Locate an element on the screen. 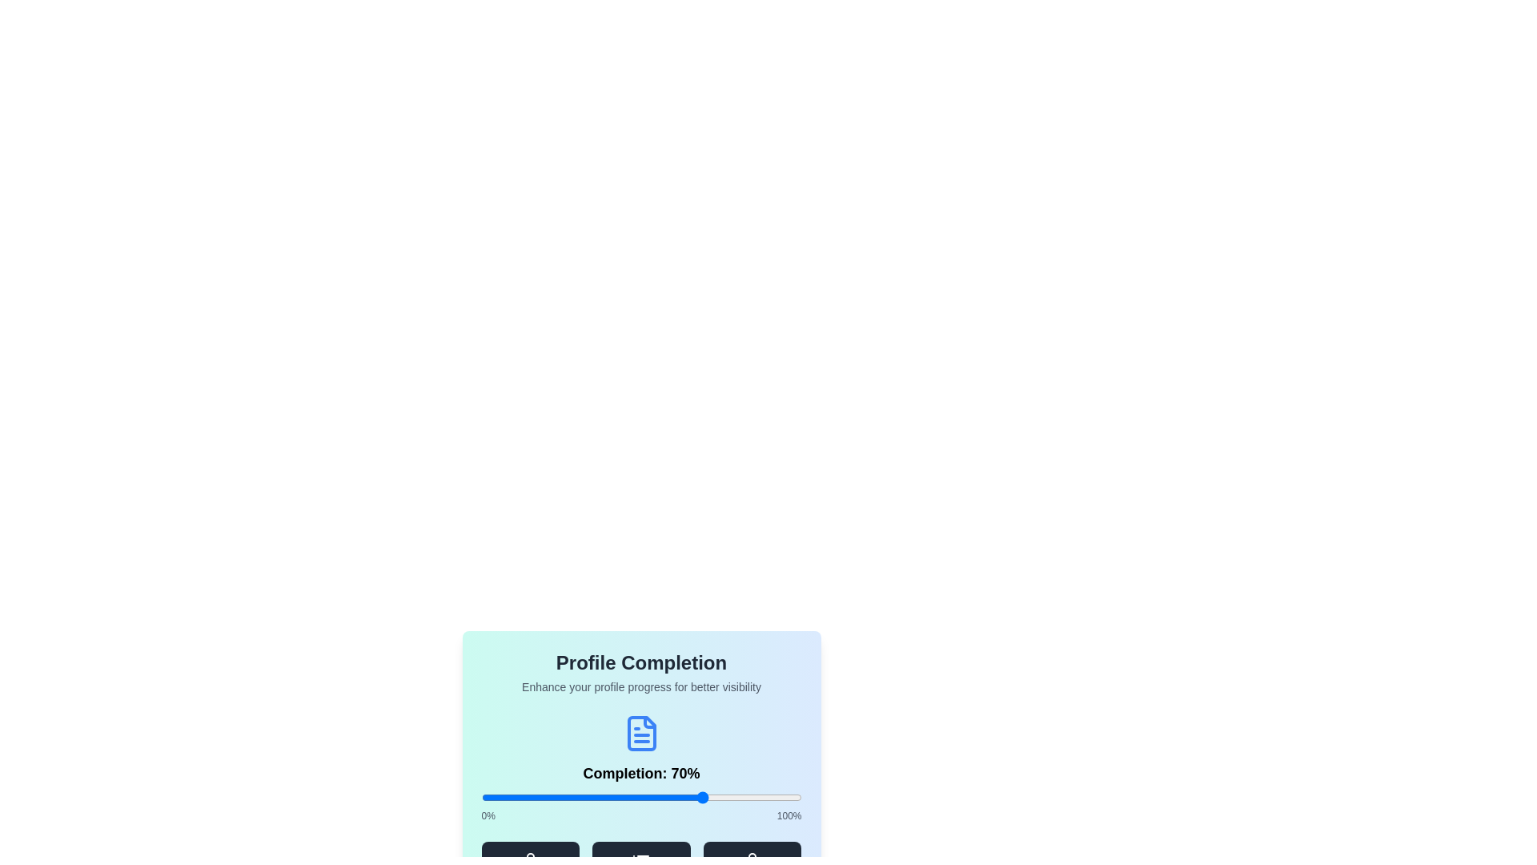  the profile completion slider is located at coordinates (583, 797).